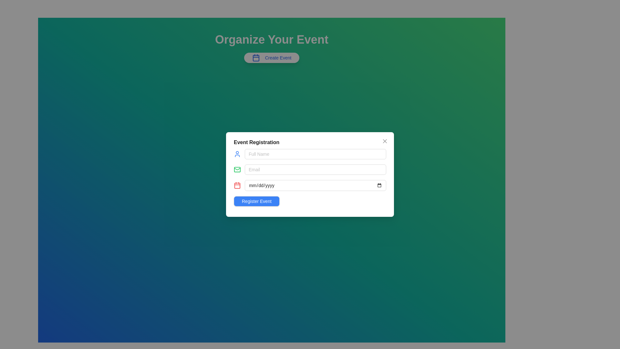 This screenshot has height=349, width=620. Describe the element at coordinates (255, 57) in the screenshot. I see `the 'Create Event' button by clicking on the calendar icon located to the left of the button's text` at that location.